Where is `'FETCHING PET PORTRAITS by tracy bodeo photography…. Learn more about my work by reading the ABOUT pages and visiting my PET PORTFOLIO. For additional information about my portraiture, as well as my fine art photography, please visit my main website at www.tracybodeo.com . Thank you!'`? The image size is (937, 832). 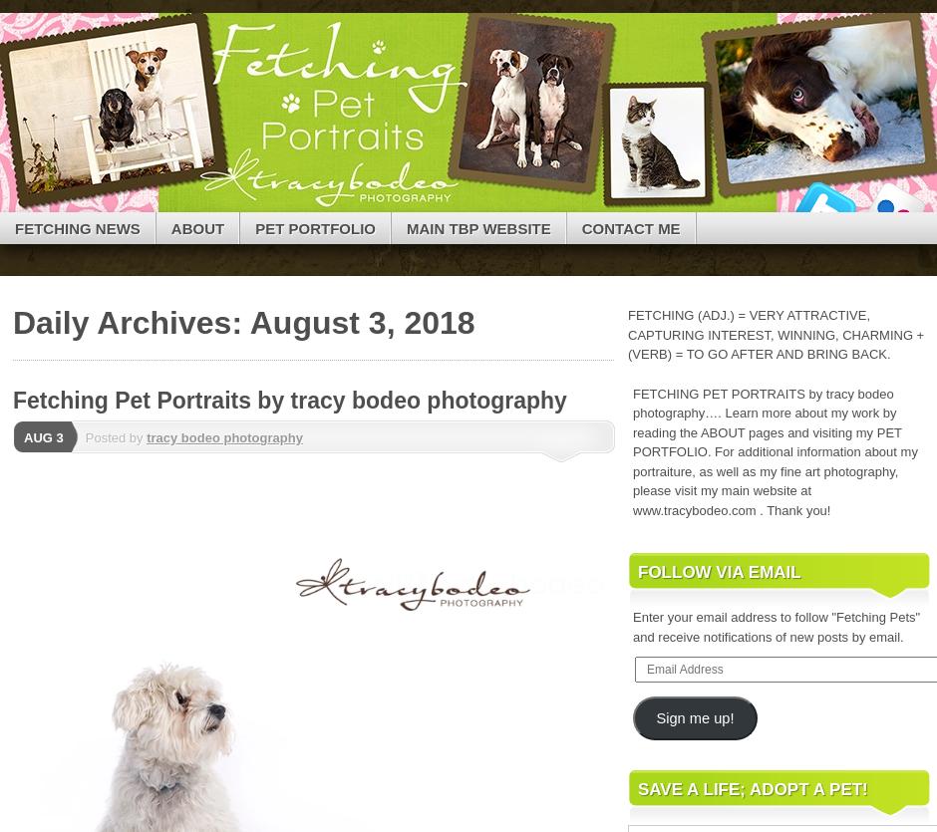
'FETCHING PET PORTRAITS by tracy bodeo photography…. Learn more about my work by reading the ABOUT pages and visiting my PET PORTFOLIO. For additional information about my portraiture, as well as my fine art photography, please visit my main website at www.tracybodeo.com . Thank you!' is located at coordinates (774, 449).